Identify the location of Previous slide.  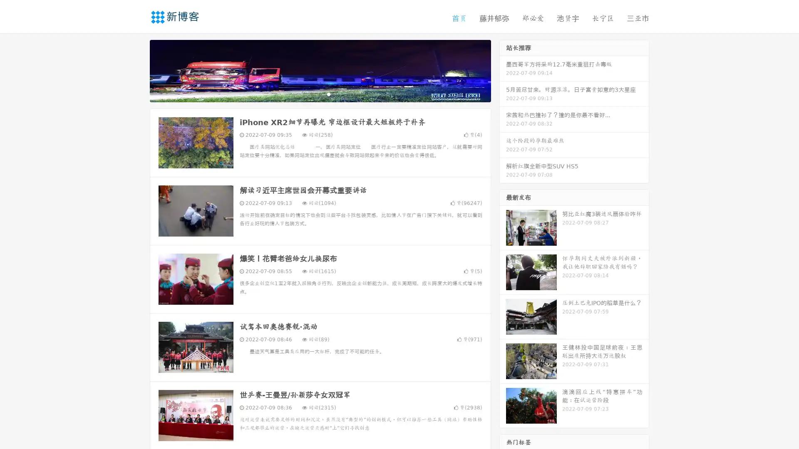
(137, 70).